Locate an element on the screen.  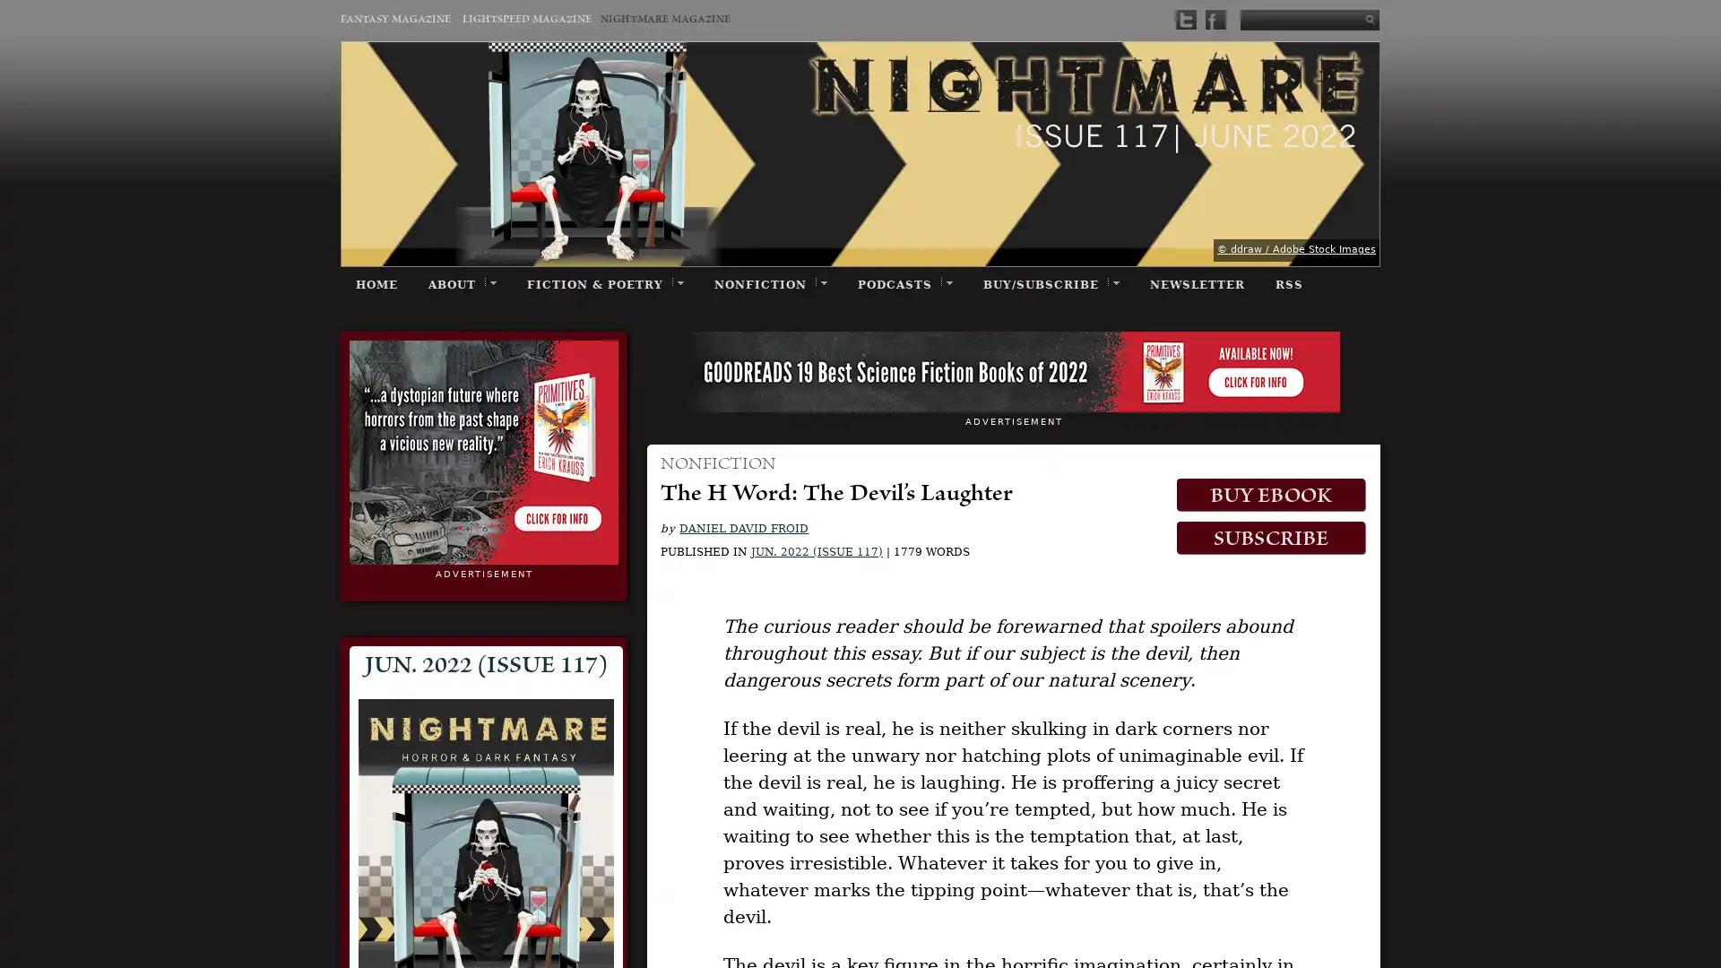
Submit is located at coordinates (1389, 19).